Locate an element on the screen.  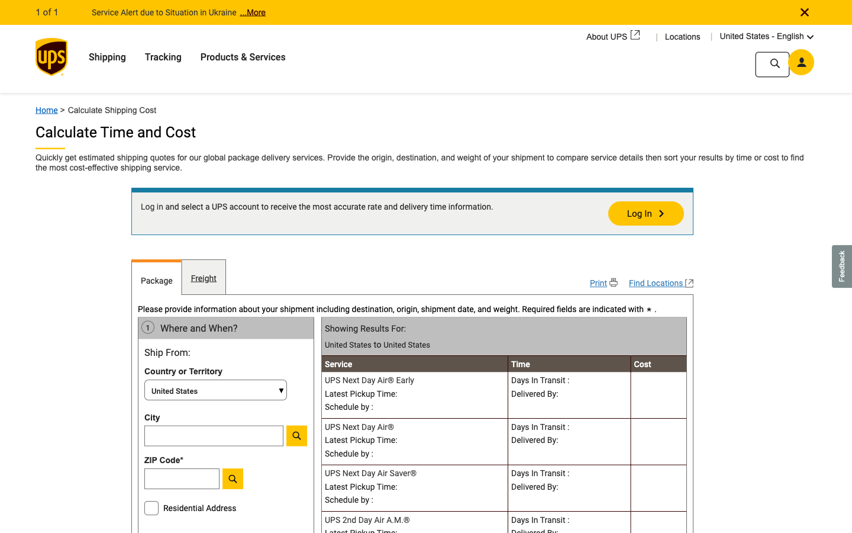
Change the language from English to Spanish is located at coordinates (803, 35).